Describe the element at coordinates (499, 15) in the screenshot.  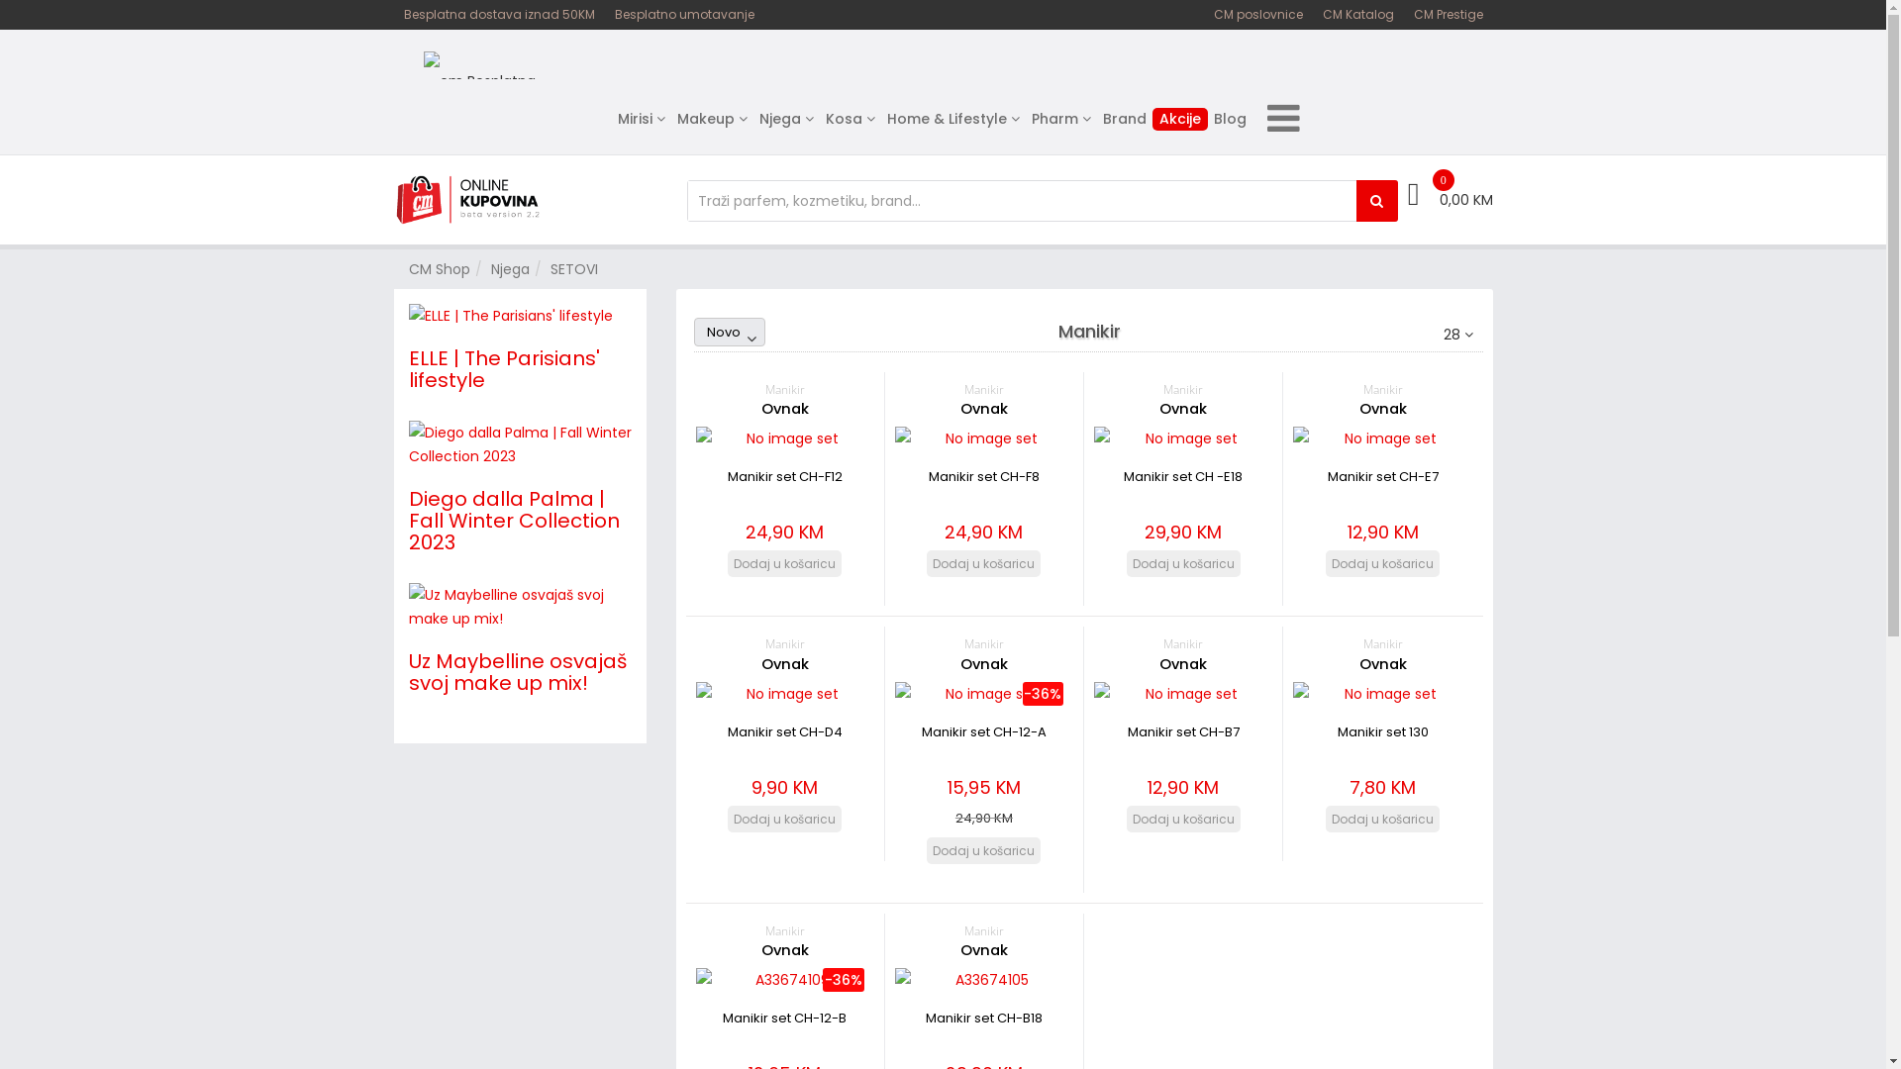
I see `'Besplatna dostava iznad 50KM'` at that location.